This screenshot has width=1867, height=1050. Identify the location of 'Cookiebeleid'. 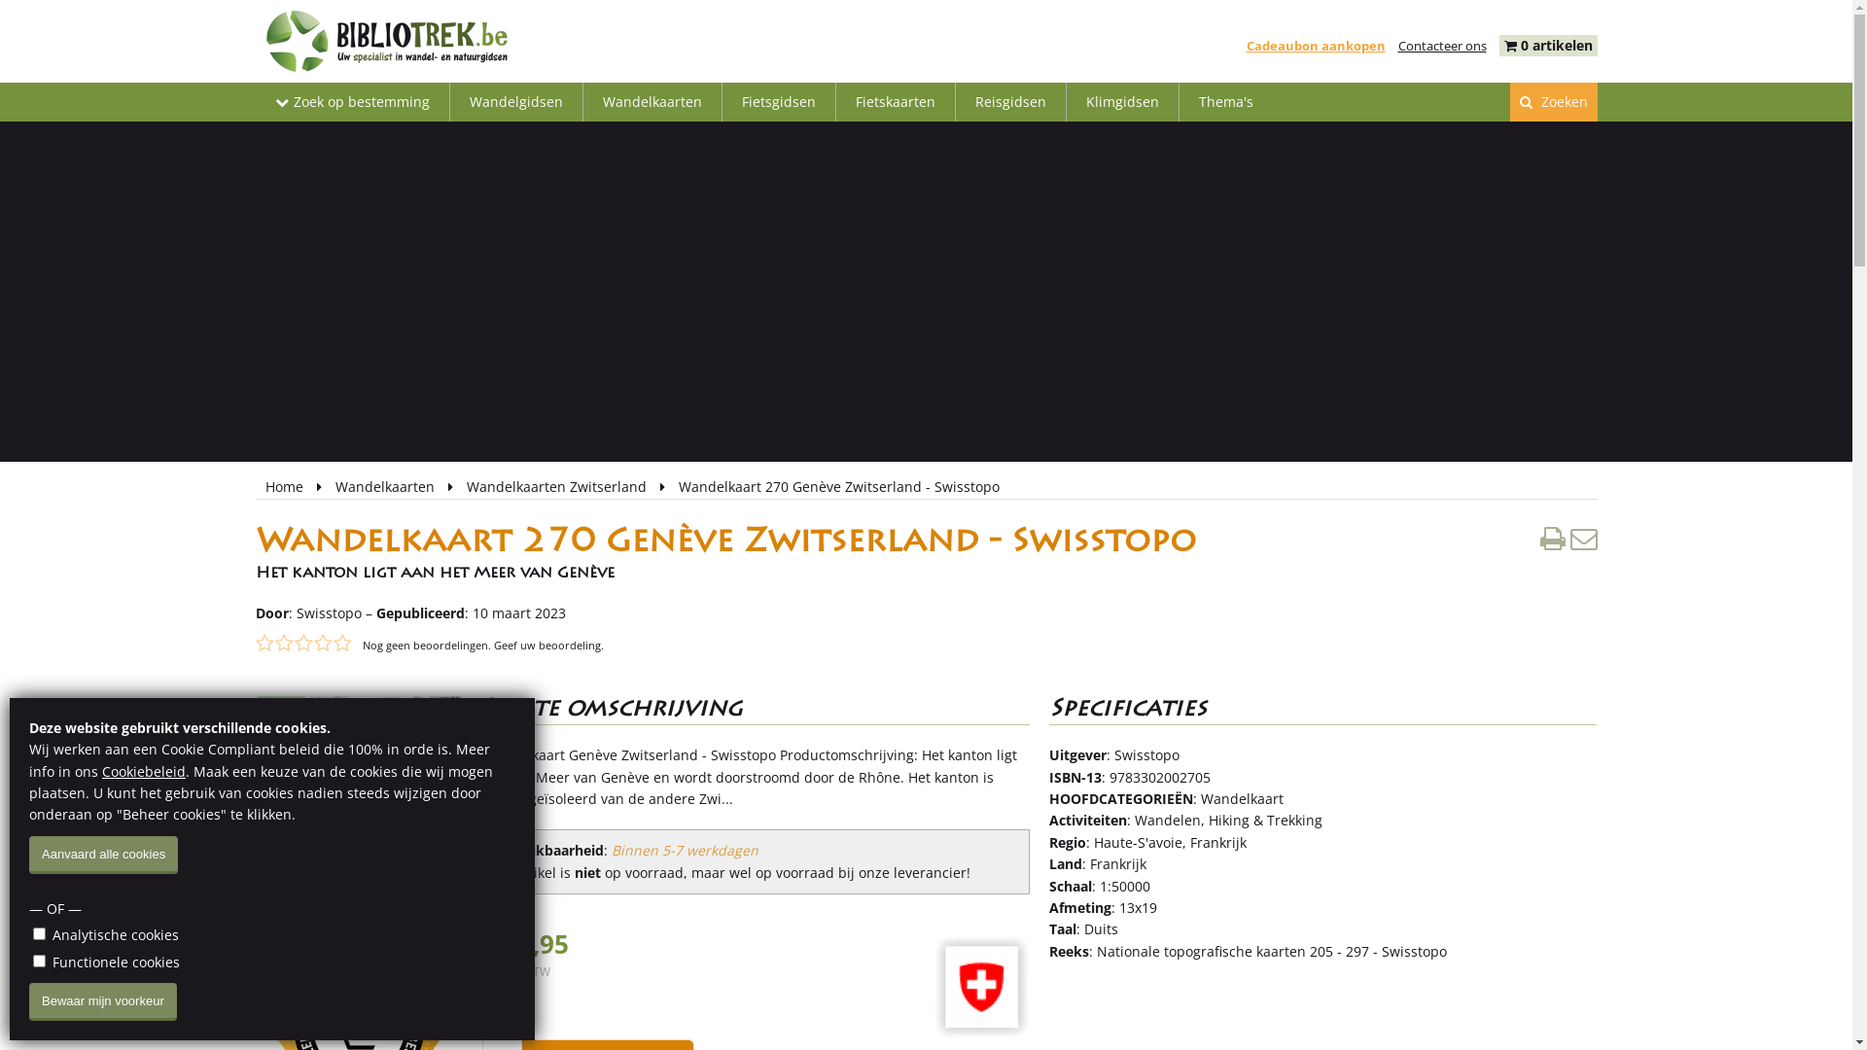
(143, 770).